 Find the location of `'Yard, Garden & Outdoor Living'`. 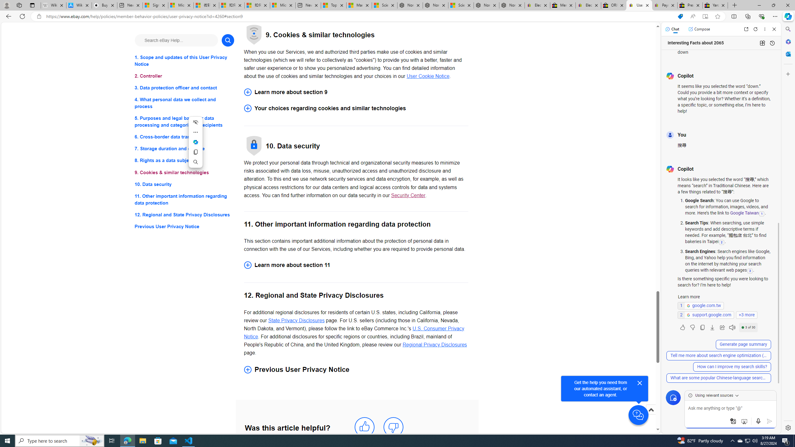

'Yard, Garden & Outdoor Living' is located at coordinates (715, 5).